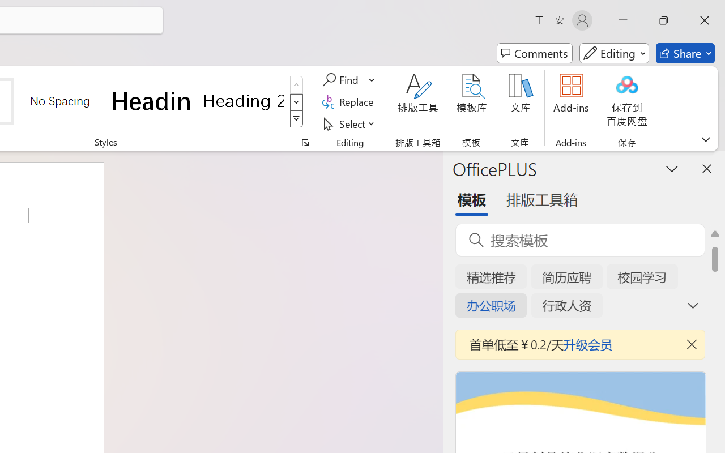  What do you see at coordinates (534, 53) in the screenshot?
I see `'Comments'` at bounding box center [534, 53].